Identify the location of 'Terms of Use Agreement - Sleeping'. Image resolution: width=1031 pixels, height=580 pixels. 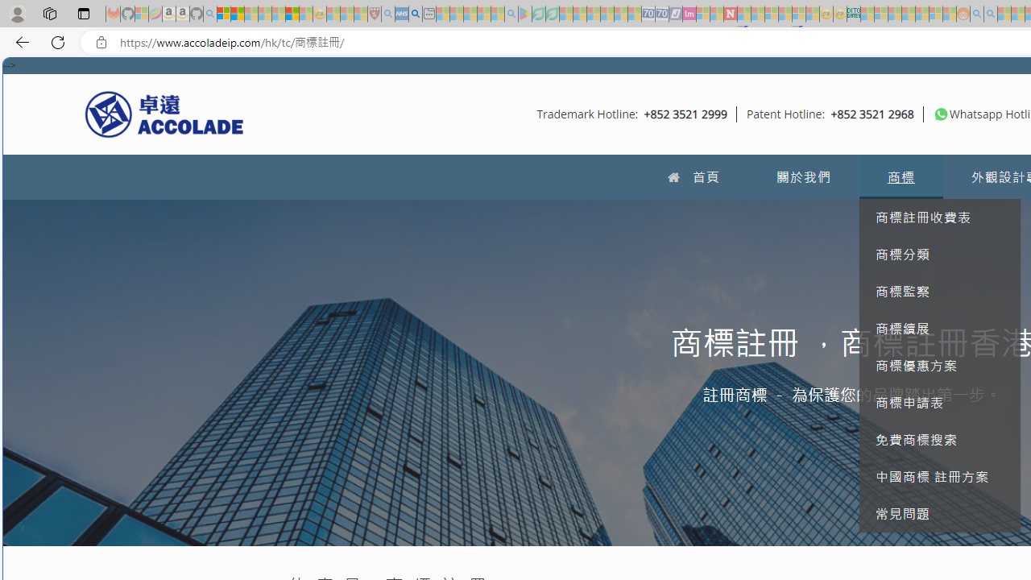
(538, 14).